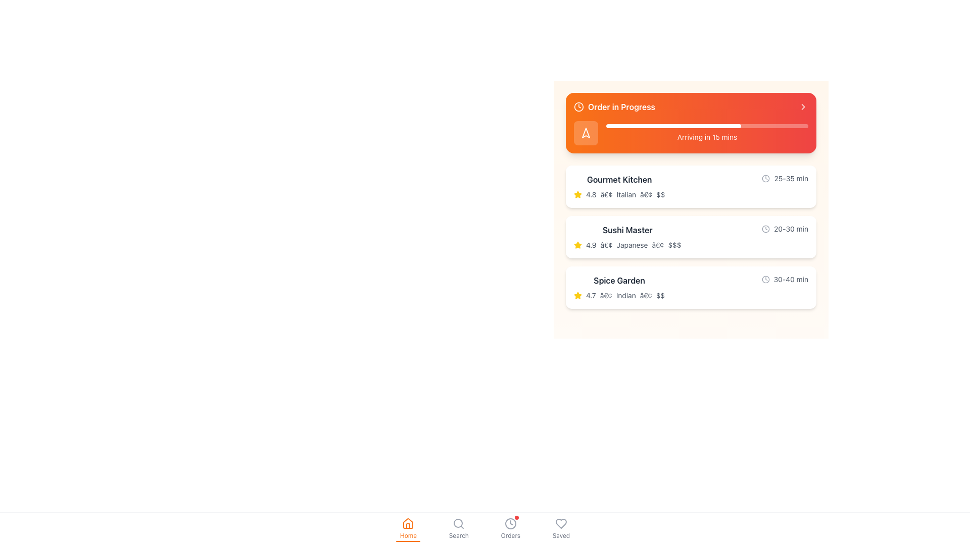  Describe the element at coordinates (458, 523) in the screenshot. I see `the SVG circle shape that represents the Search icon in the bottom navigation bar to trigger its hover styles` at that location.